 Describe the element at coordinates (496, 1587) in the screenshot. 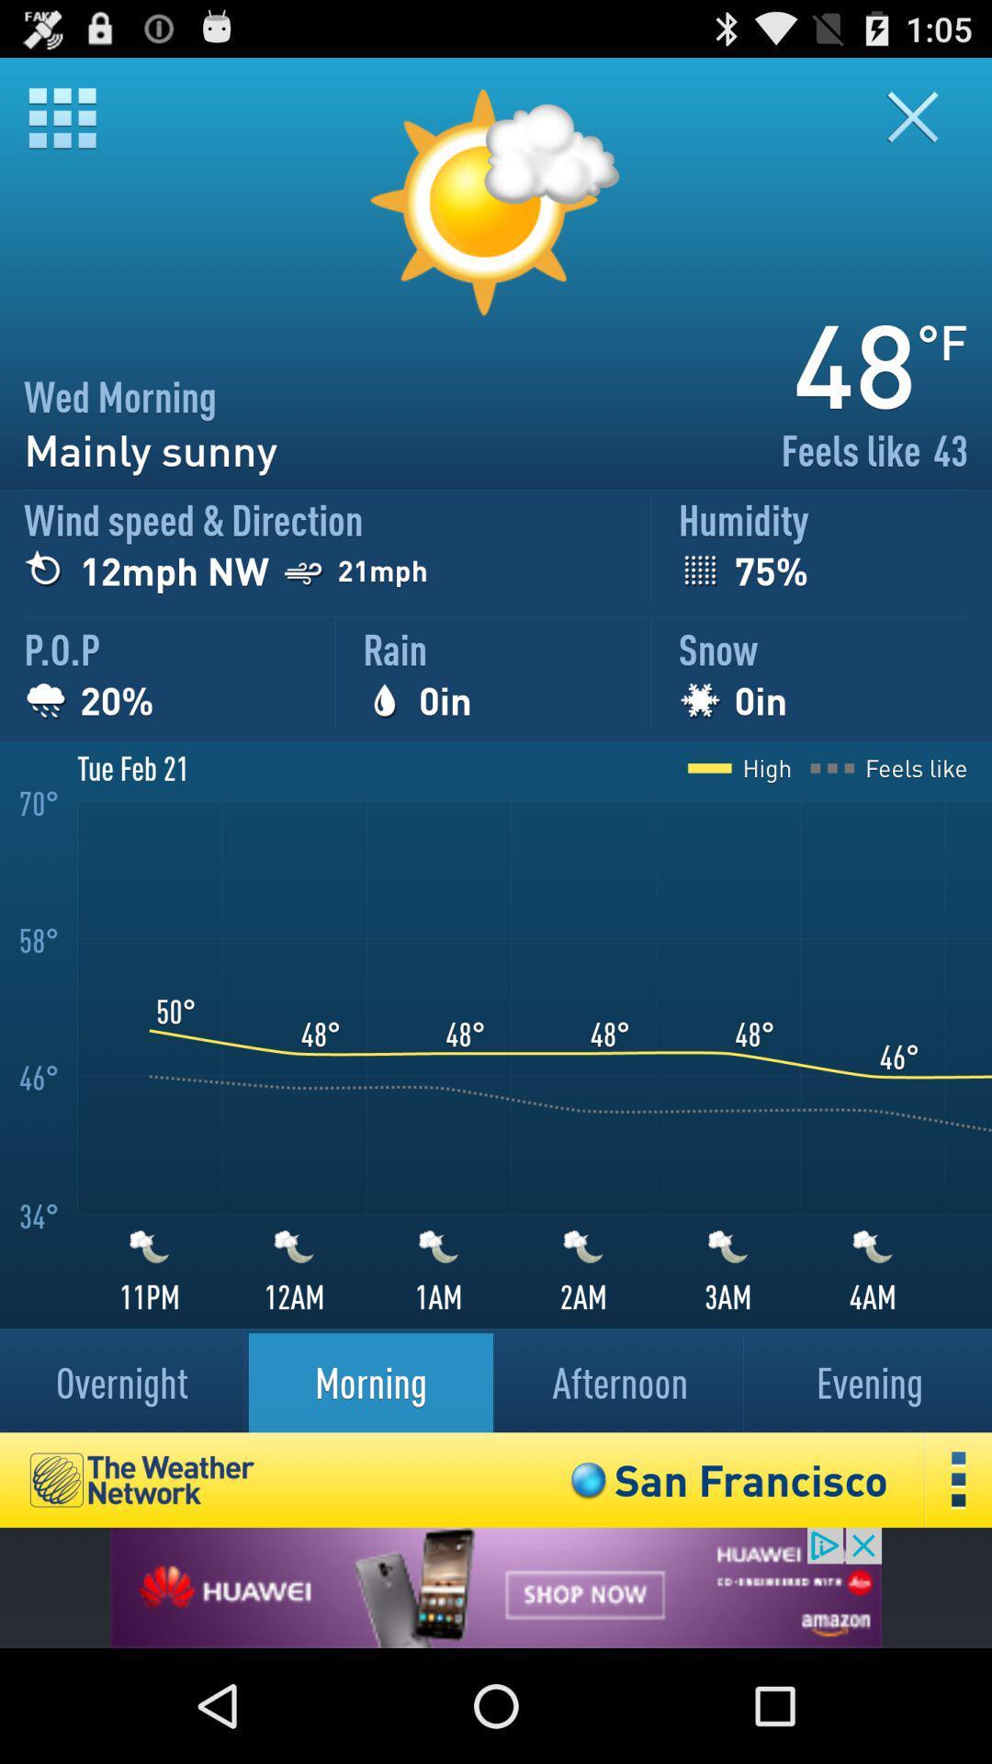

I see `advertisement` at that location.